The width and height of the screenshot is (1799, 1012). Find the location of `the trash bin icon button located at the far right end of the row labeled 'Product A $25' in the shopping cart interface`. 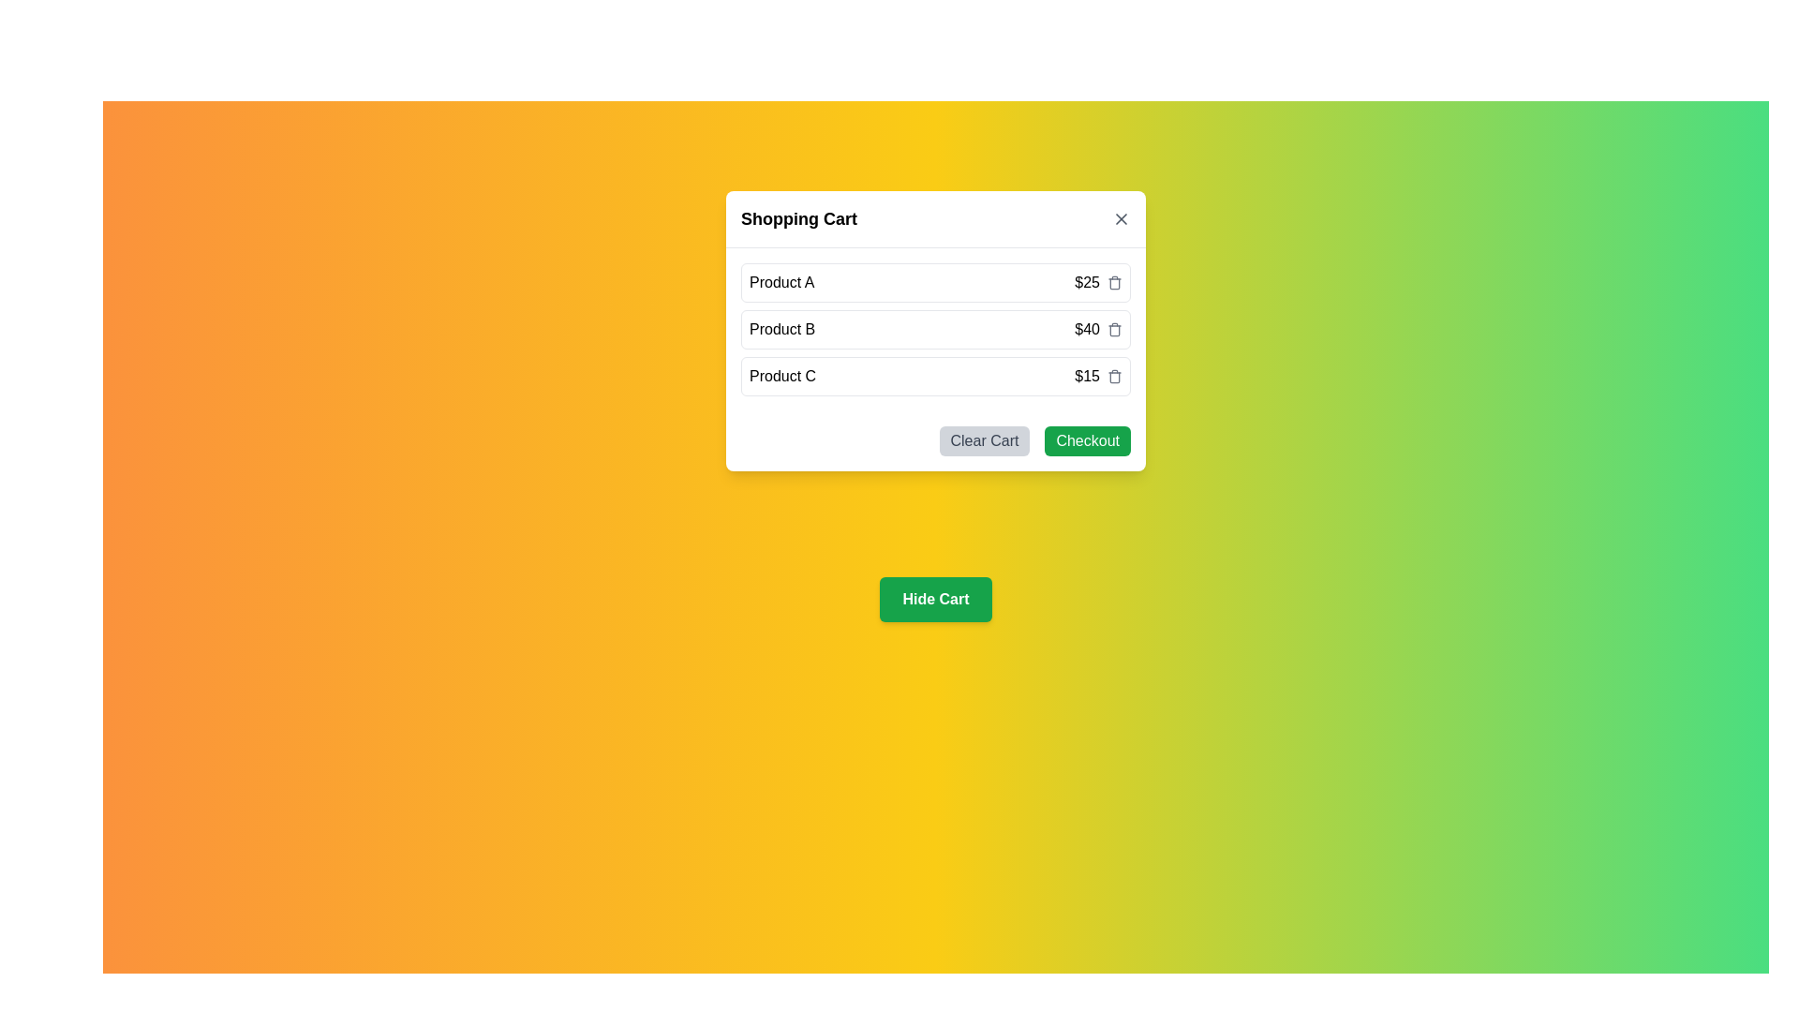

the trash bin icon button located at the far right end of the row labeled 'Product A $25' in the shopping cart interface is located at coordinates (1115, 282).